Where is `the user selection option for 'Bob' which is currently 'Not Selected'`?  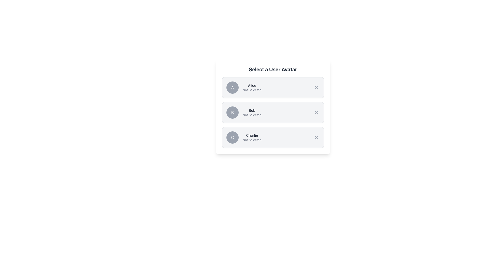
the user selection option for 'Bob' which is currently 'Not Selected' is located at coordinates (252, 112).